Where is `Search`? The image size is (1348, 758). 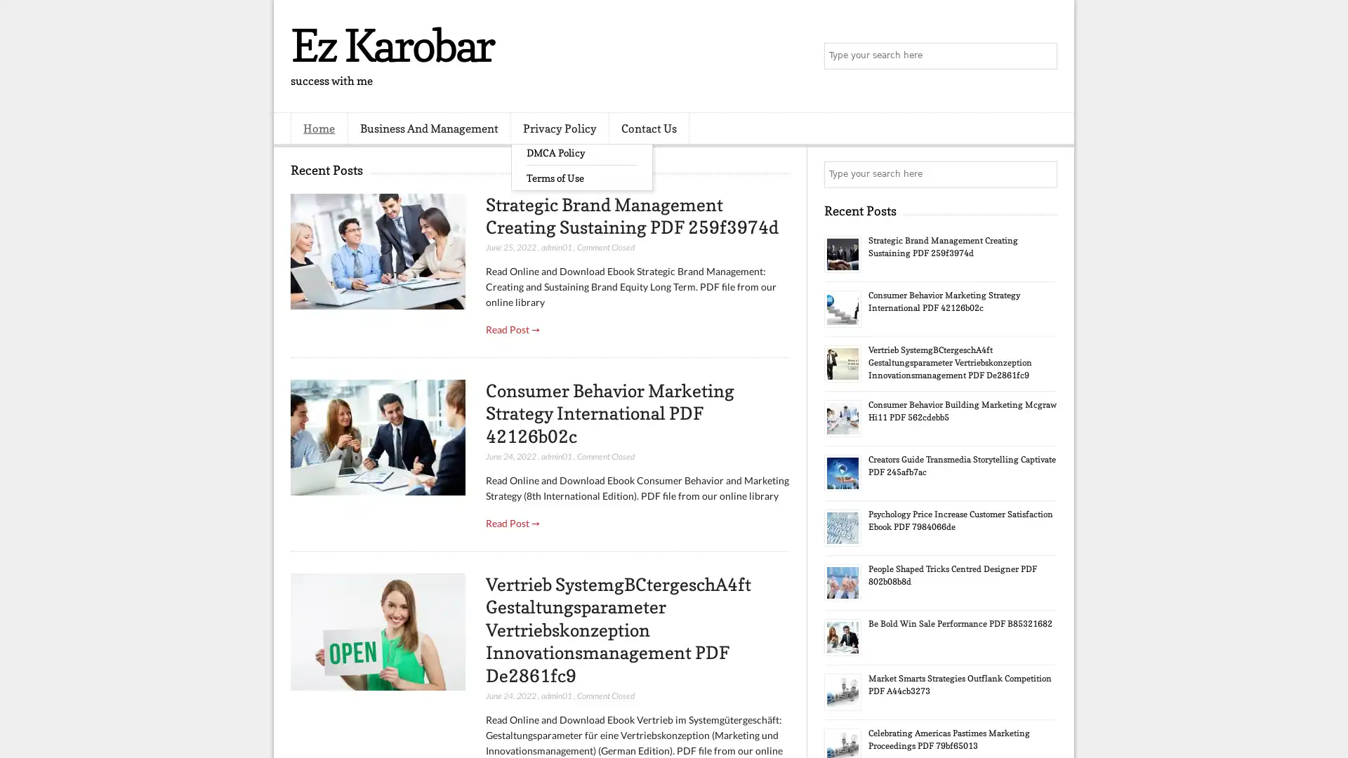
Search is located at coordinates (1043, 56).